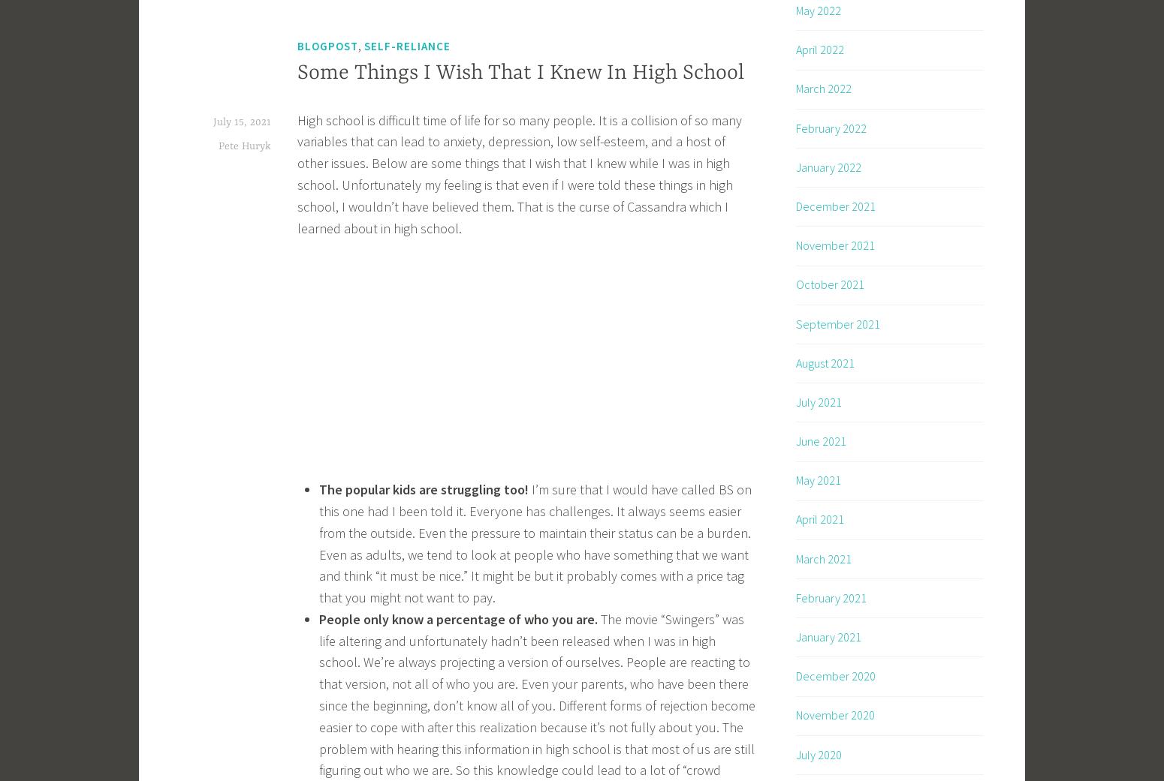  What do you see at coordinates (357, 44) in the screenshot?
I see `','` at bounding box center [357, 44].